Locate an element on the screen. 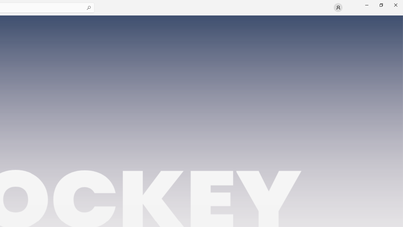 This screenshot has width=403, height=227. 'Close Microsoft Store' is located at coordinates (395, 5).